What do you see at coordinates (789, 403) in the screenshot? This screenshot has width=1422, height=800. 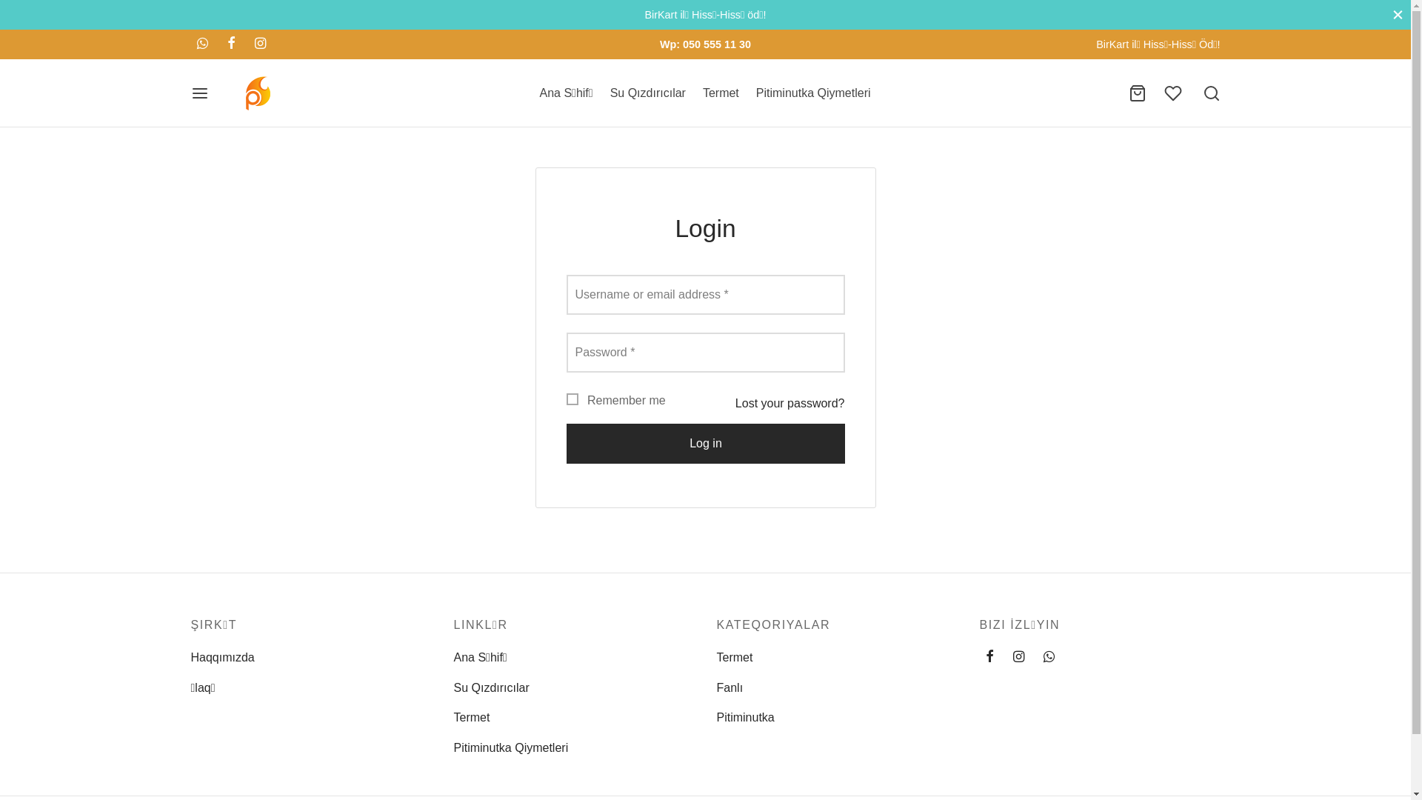 I see `'Lost your password?'` at bounding box center [789, 403].